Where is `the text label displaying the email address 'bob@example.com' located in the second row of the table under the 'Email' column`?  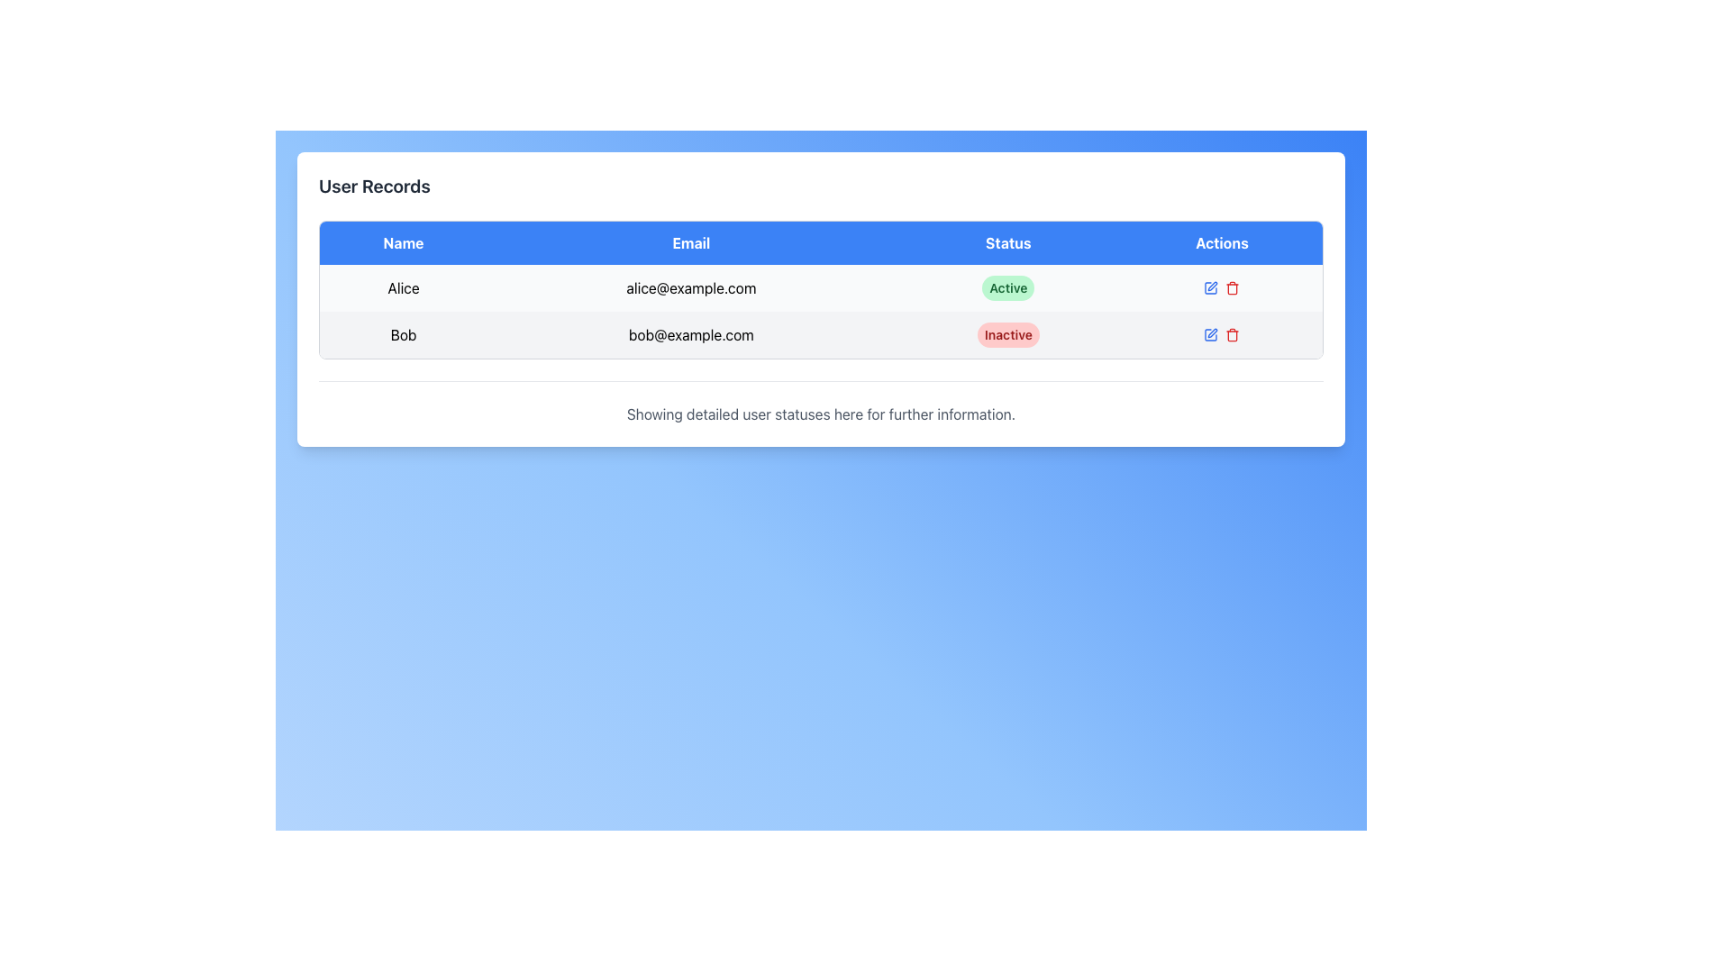
the text label displaying the email address 'bob@example.com' located in the second row of the table under the 'Email' column is located at coordinates (690, 334).